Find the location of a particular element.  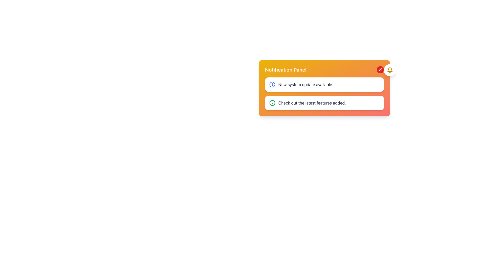

the red 'X' icon located at the top-right corner of the notification panel is located at coordinates (380, 70).